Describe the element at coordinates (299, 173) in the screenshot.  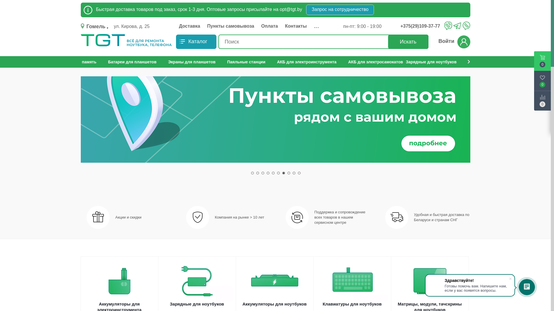
I see `'10'` at that location.